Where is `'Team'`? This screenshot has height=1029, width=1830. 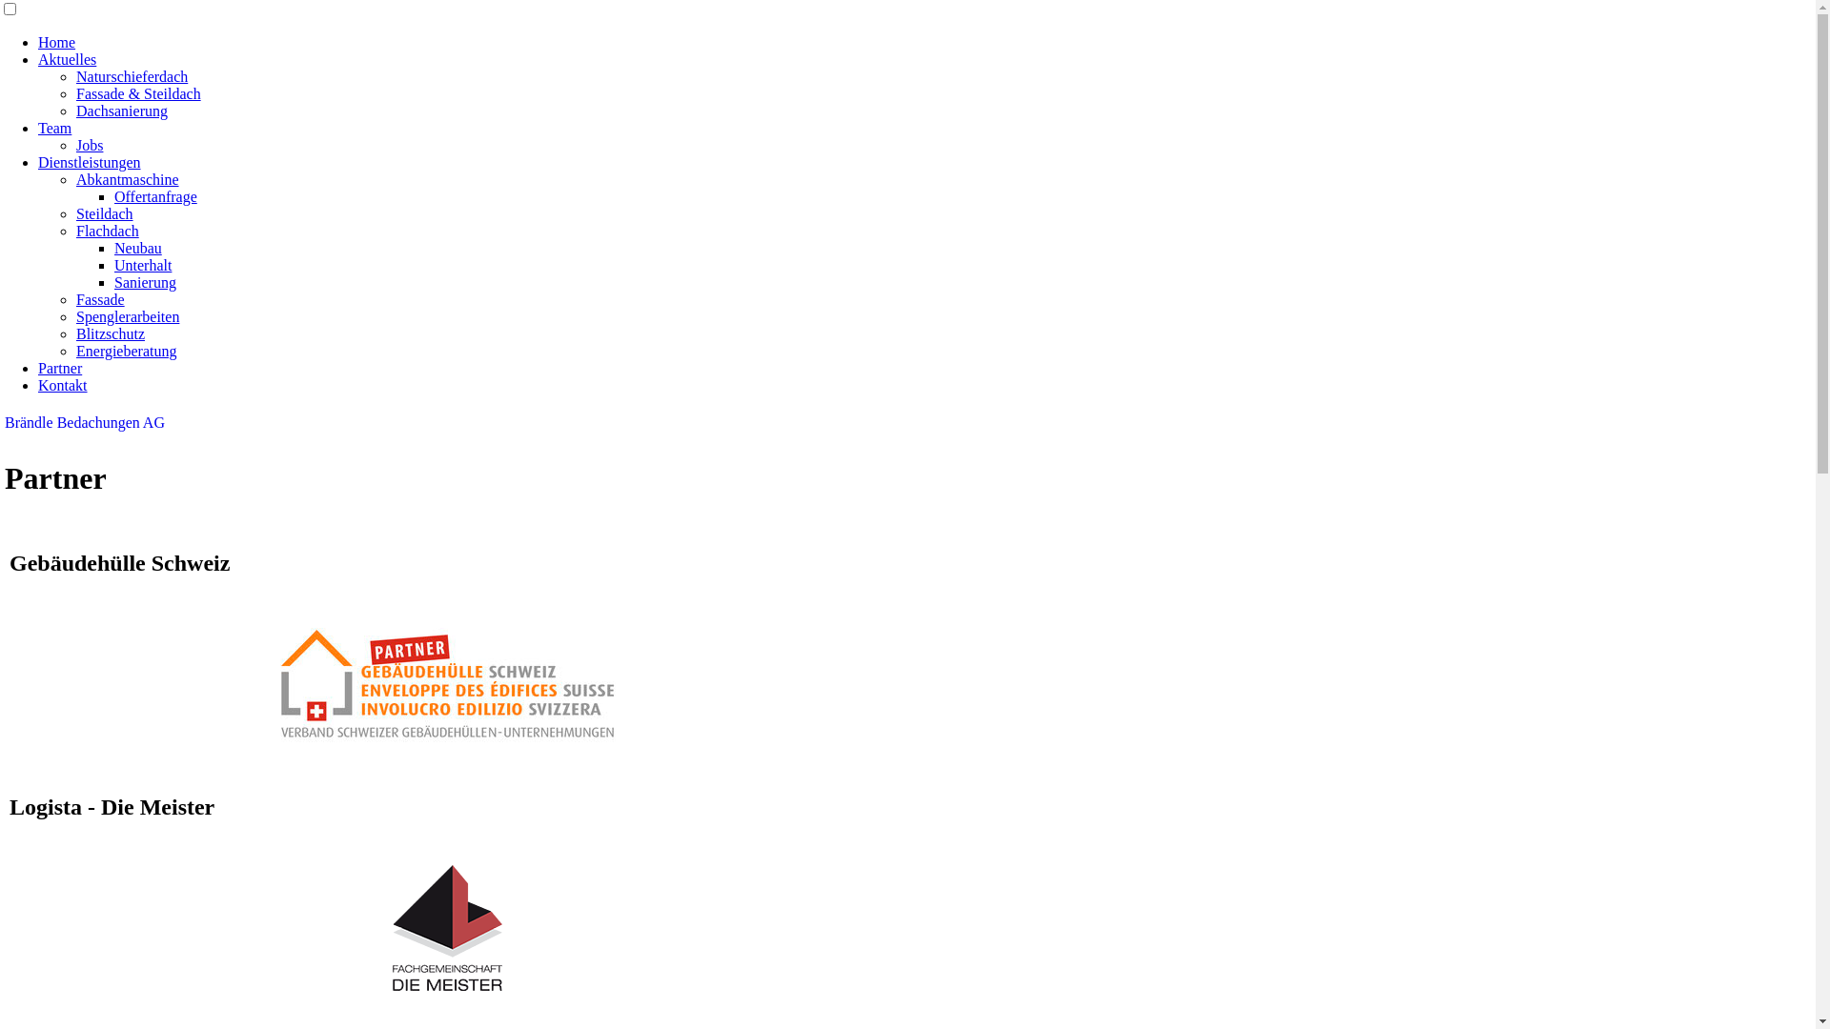
'Team' is located at coordinates (54, 128).